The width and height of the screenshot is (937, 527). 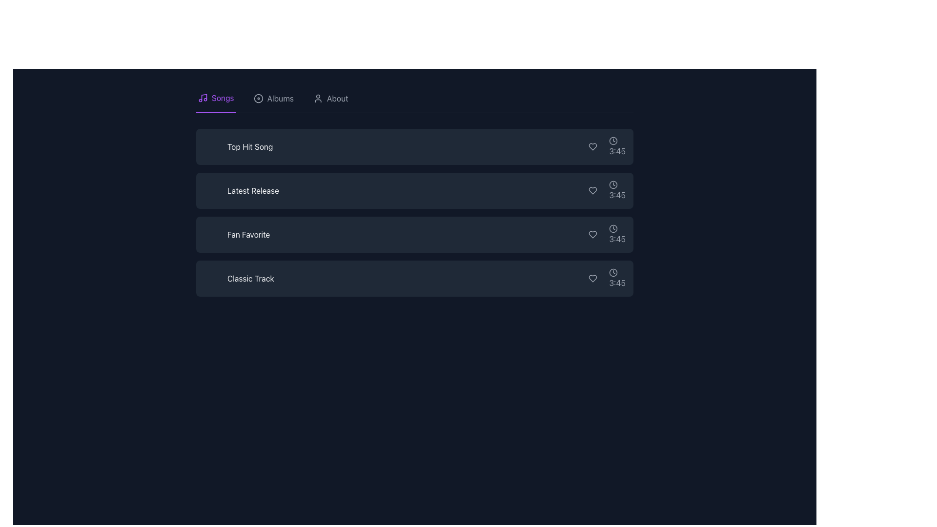 I want to click on the 'Songs' tab, which is the first tab in the navigation bar, styled with purple text and a purple underline, to potentially see a tooltip, so click(x=215, y=98).